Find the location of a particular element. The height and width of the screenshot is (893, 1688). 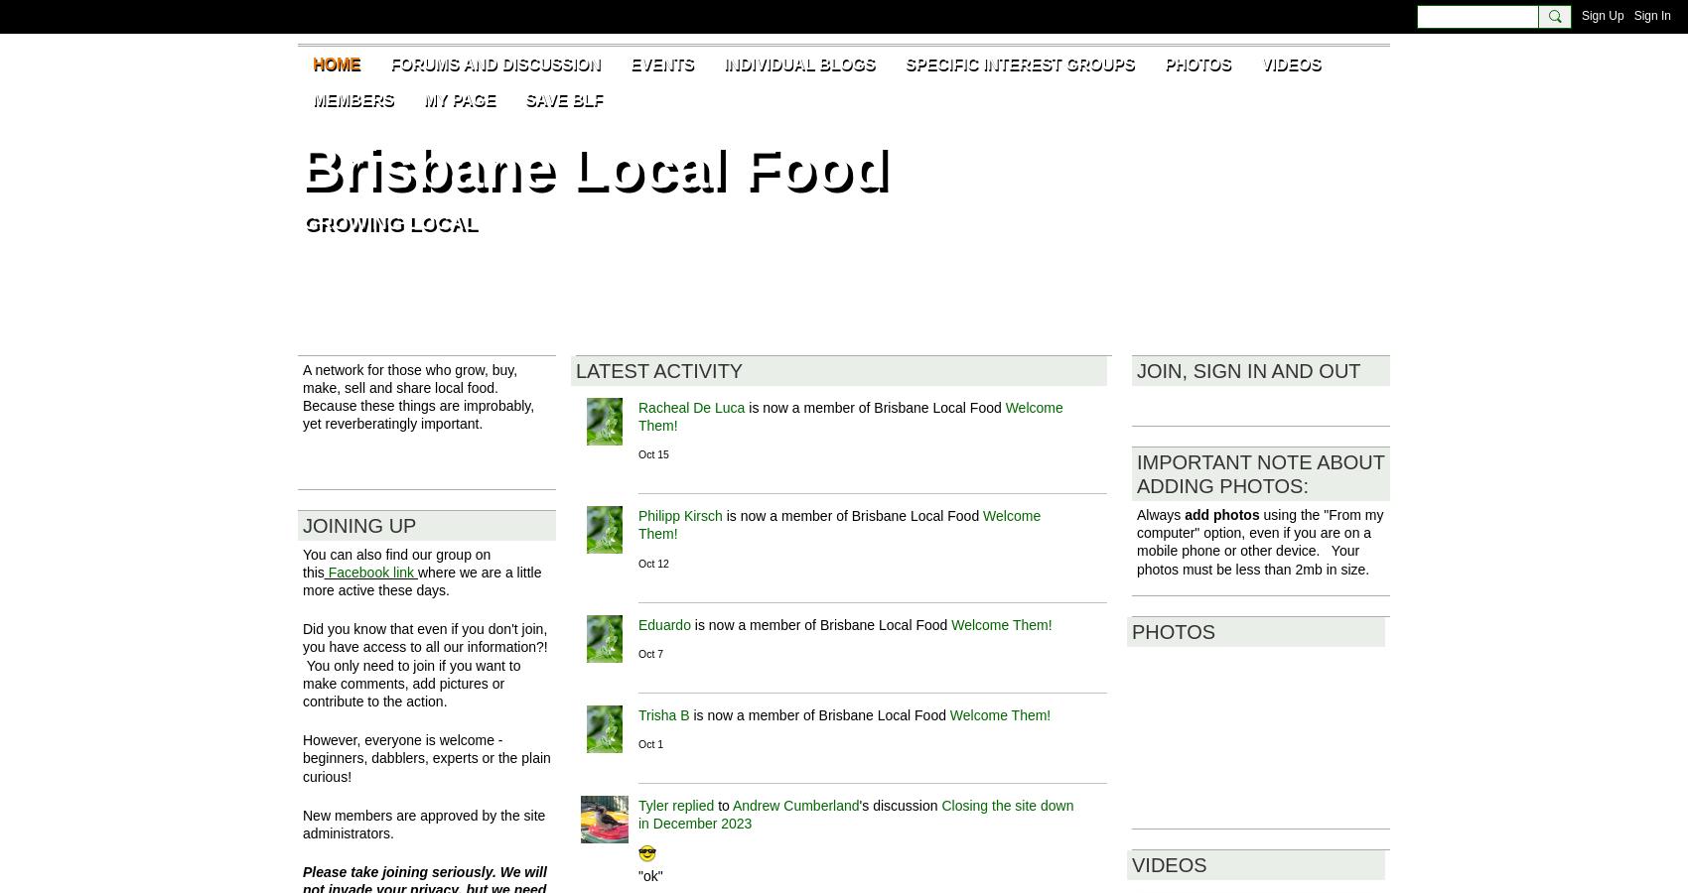

'Oct 15' is located at coordinates (637, 453).